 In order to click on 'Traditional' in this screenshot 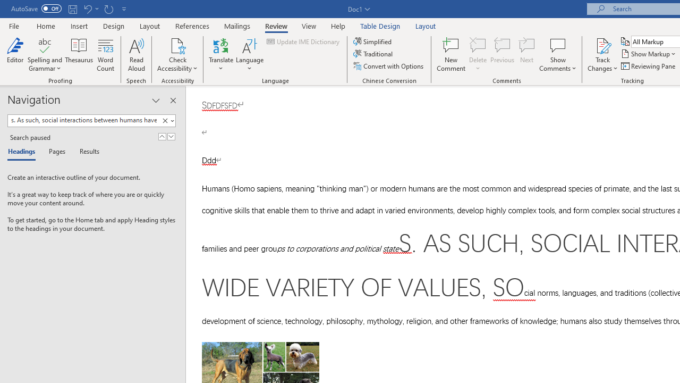, I will do `click(374, 54)`.